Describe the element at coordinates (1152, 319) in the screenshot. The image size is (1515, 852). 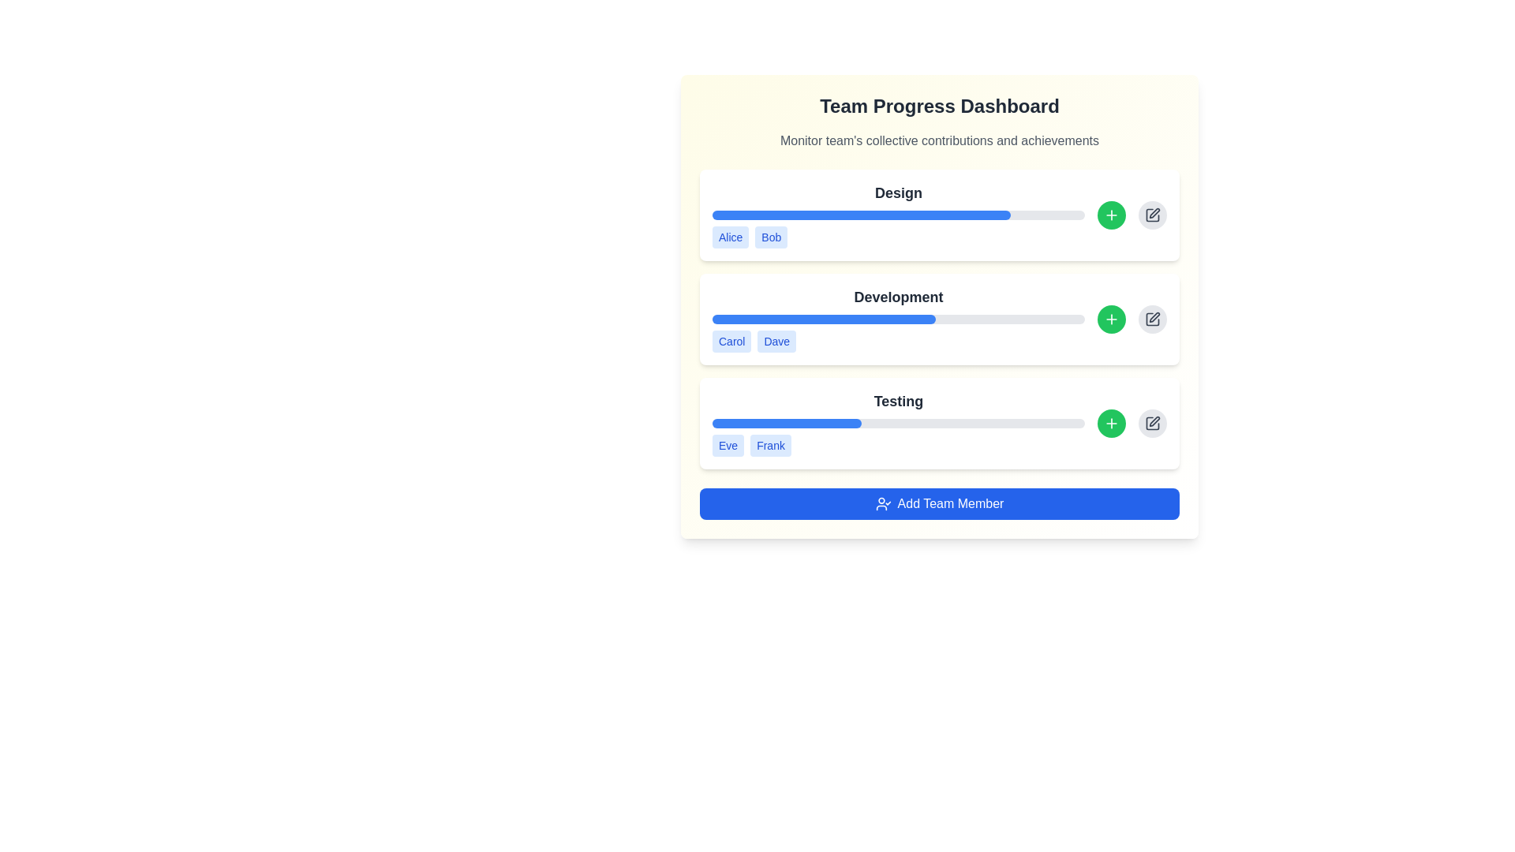
I see `the Button Icon located on the right side of the 'Development' row in the Team Progress Dashboard` at that location.